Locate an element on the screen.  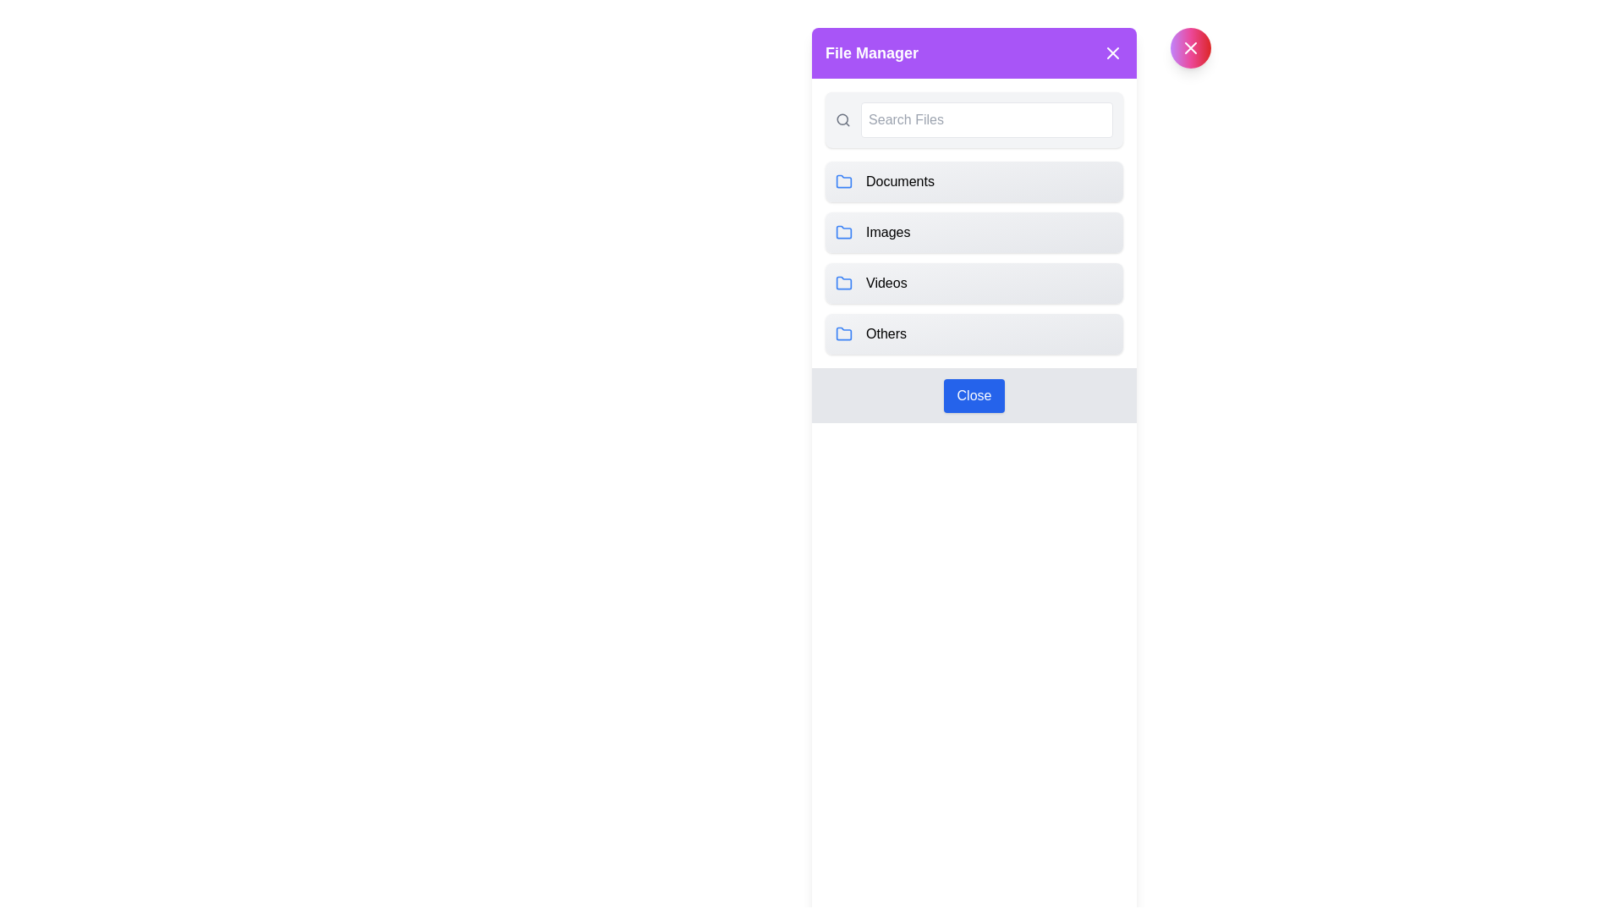
the Close button icon located at the top-right corner of the 'File Manager' interface is located at coordinates (1112, 52).